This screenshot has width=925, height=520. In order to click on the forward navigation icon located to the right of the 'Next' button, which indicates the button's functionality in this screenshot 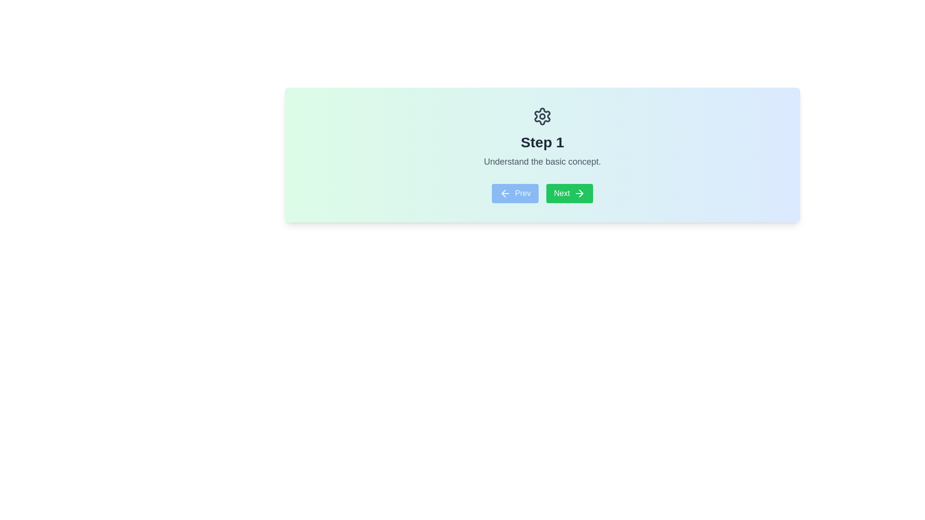, I will do `click(581, 193)`.